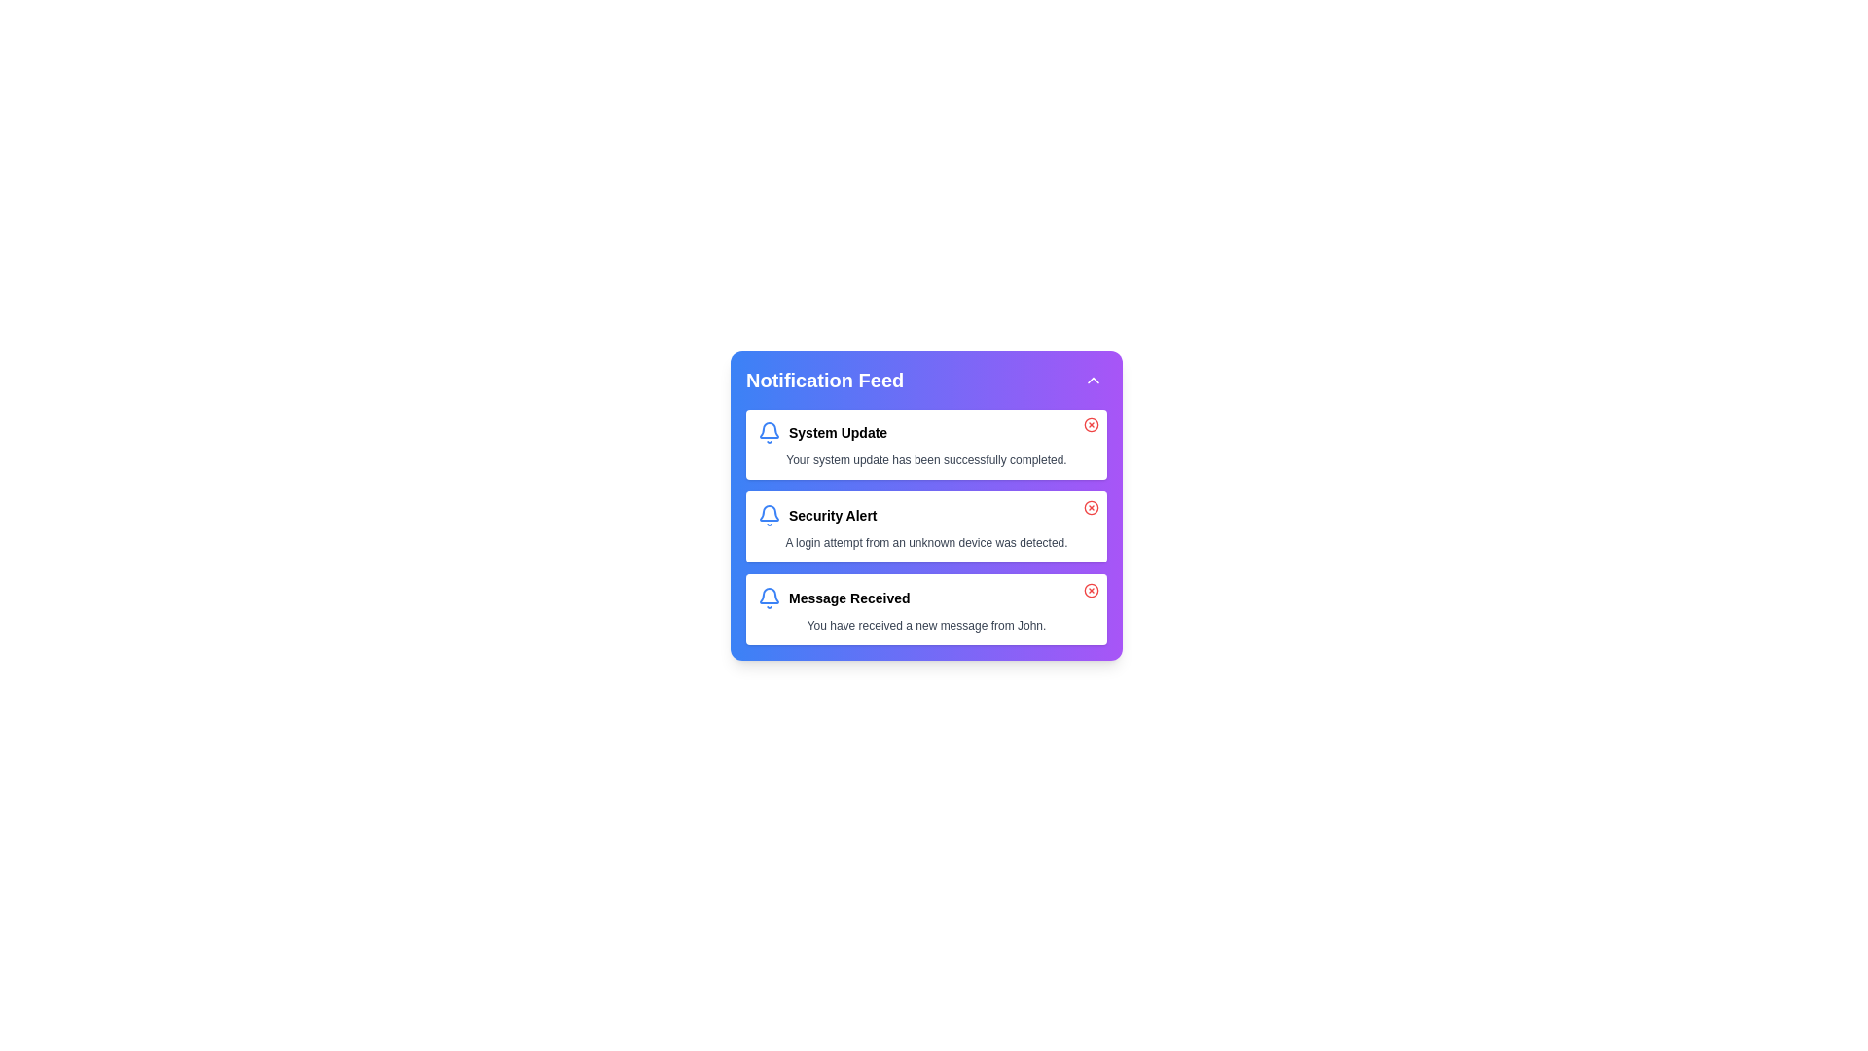 The height and width of the screenshot is (1051, 1868). Describe the element at coordinates (769, 597) in the screenshot. I see `the bell icon located in the 'Message Received' notification card, positioned to the left of the associated text` at that location.